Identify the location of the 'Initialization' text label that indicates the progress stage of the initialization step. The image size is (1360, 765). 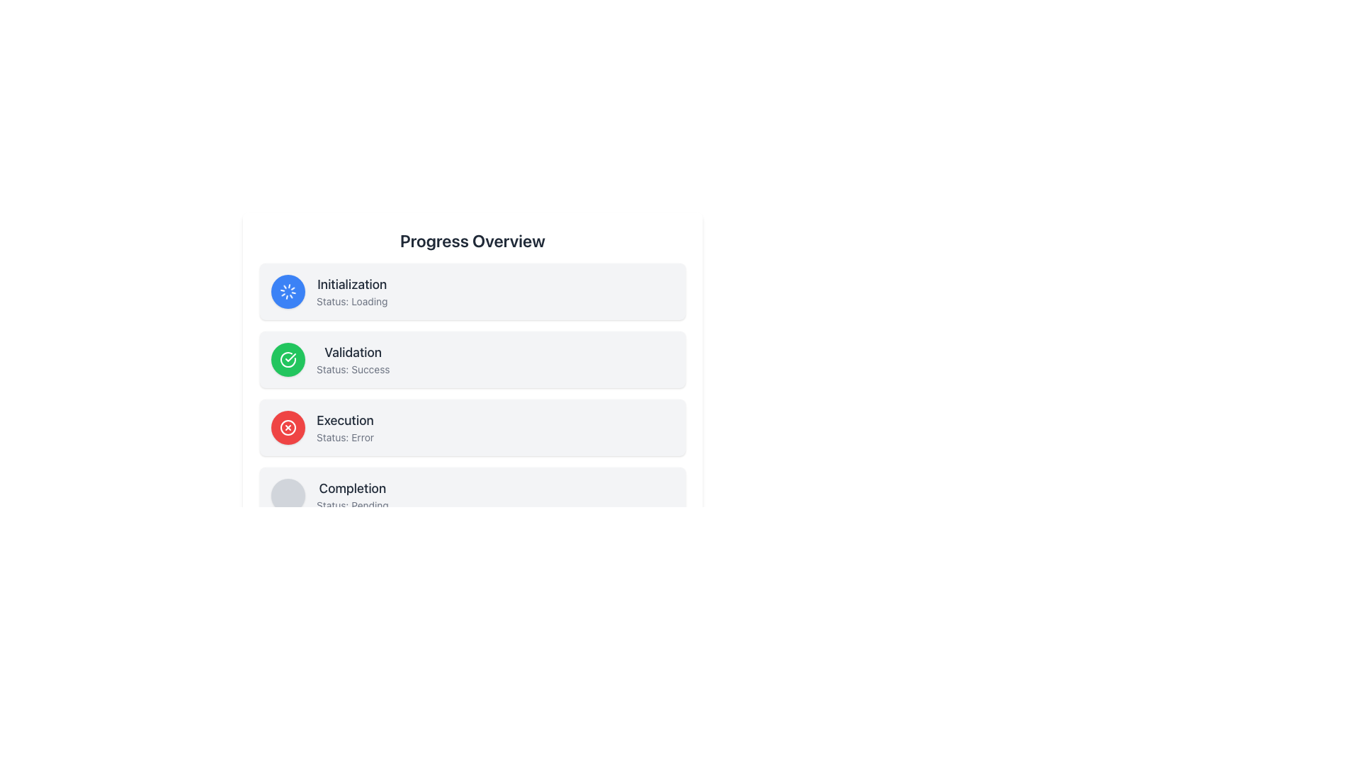
(352, 284).